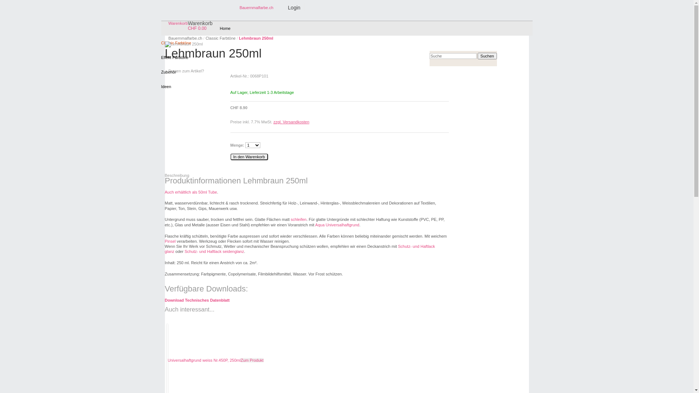 The height and width of the screenshot is (393, 699). Describe the element at coordinates (164, 44) in the screenshot. I see `'Lehmbraun 250ml'` at that location.